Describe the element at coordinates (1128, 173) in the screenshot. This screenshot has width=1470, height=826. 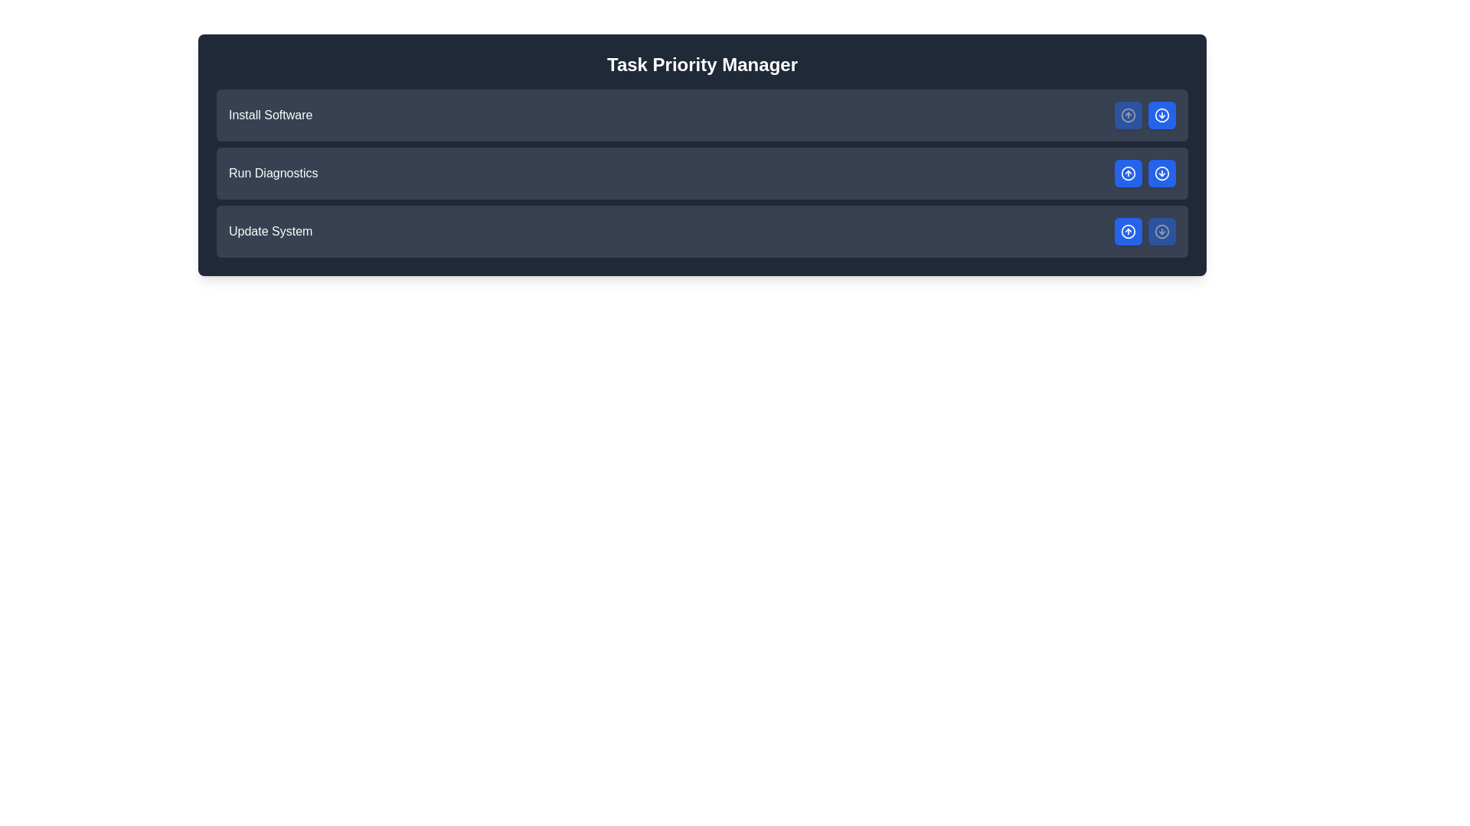
I see `the SVG circle element that represents a decorative icon with an upward arrow in the third task row, located adjacent to the right-side controls` at that location.